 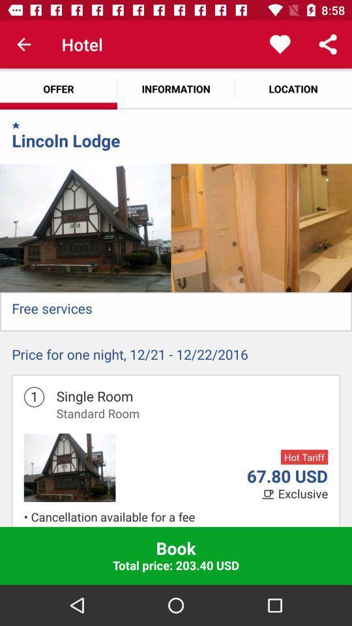 What do you see at coordinates (302, 494) in the screenshot?
I see `the exclusive icon` at bounding box center [302, 494].